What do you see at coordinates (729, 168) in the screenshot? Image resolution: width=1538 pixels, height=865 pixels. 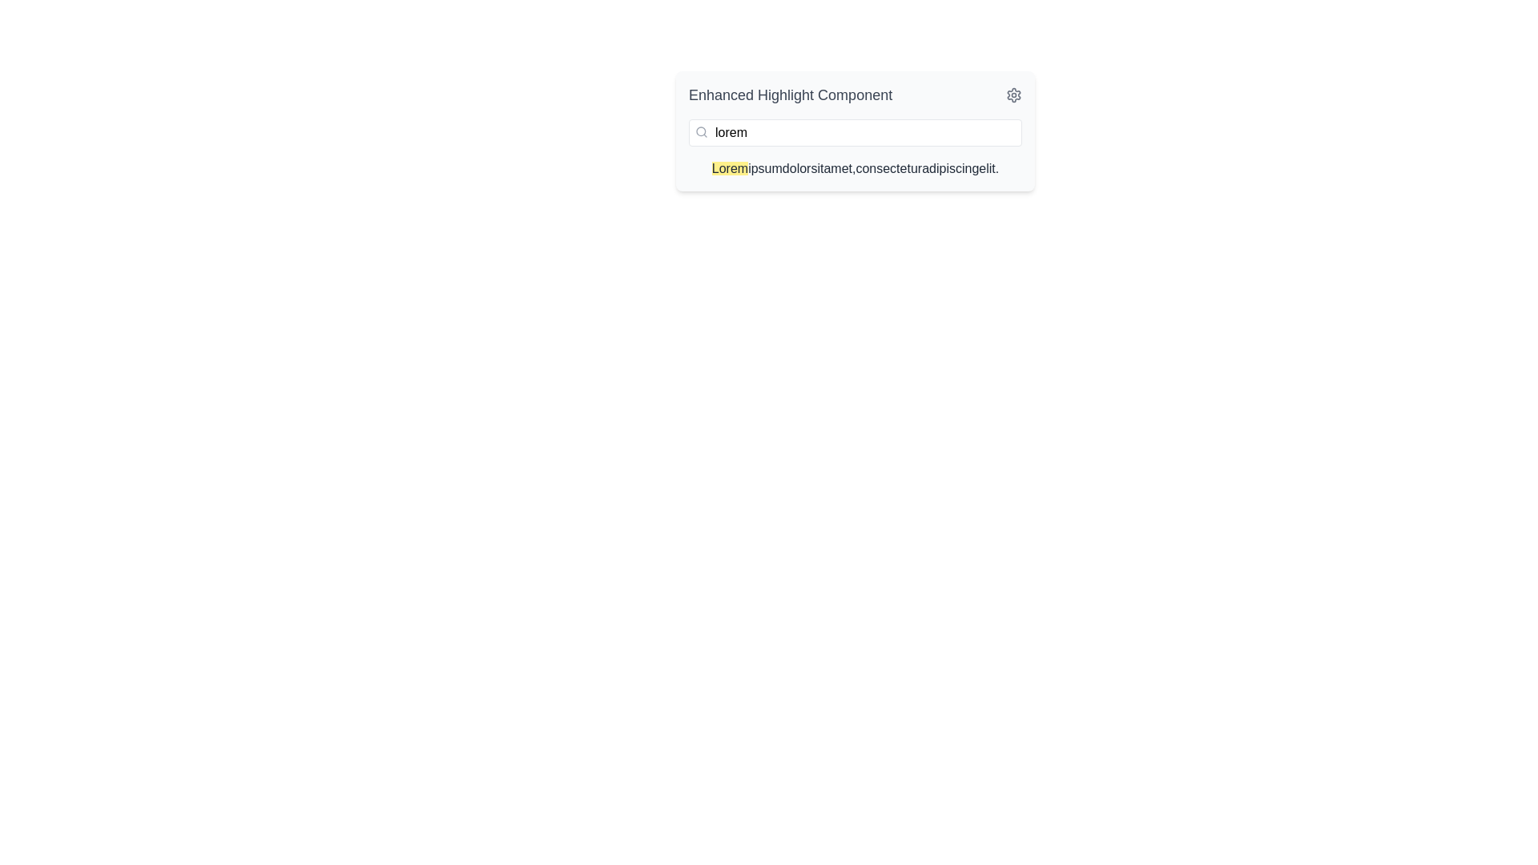 I see `the highlighted text that emphasizes the word 'Lorem' in the sentence 'Lorem ipsum dolor sit amet, consectetur adipiscing elit.'` at bounding box center [729, 168].